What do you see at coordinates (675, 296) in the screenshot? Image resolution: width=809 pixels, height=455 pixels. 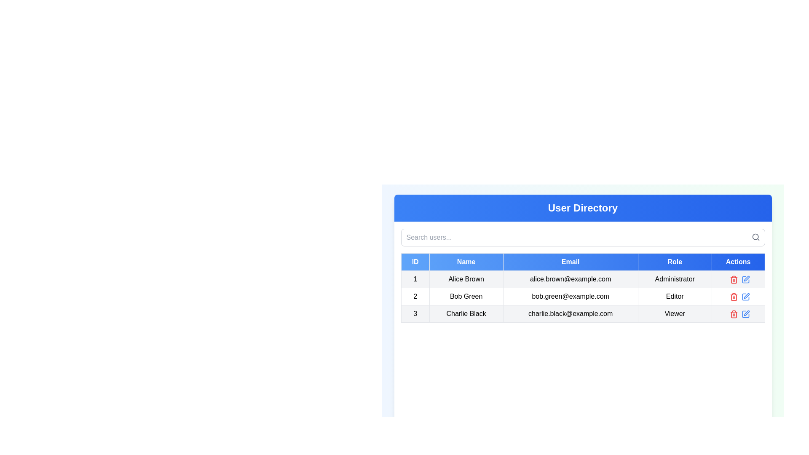 I see `the text label displaying 'Editor' in the Role column of the second row associated with the user 'Bob Green'` at bounding box center [675, 296].